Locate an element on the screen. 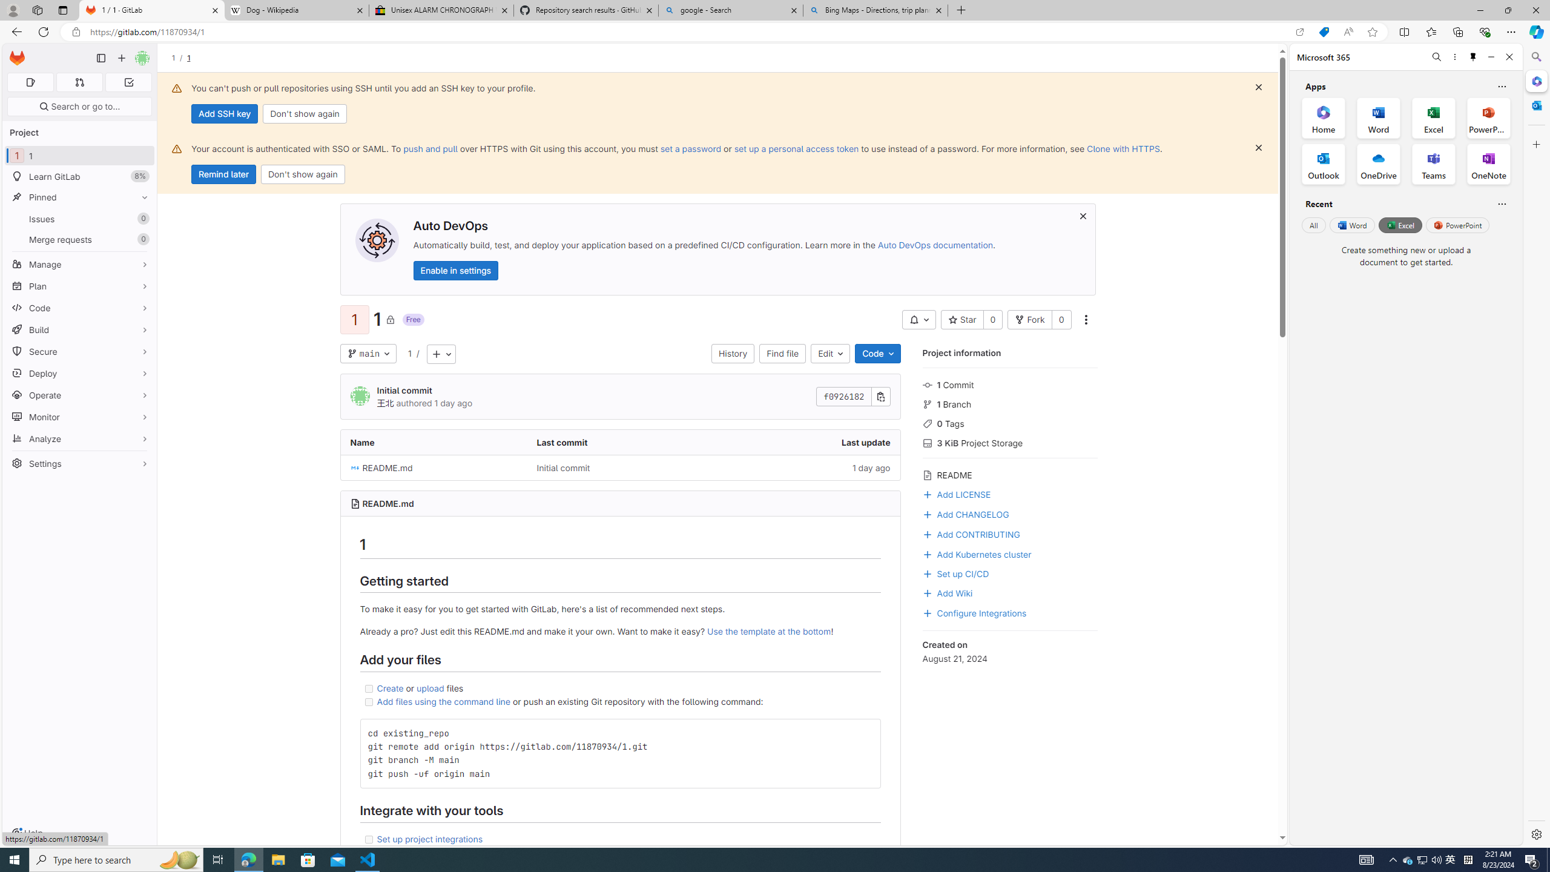 This screenshot has height=872, width=1550. 'Deploy' is located at coordinates (79, 373).